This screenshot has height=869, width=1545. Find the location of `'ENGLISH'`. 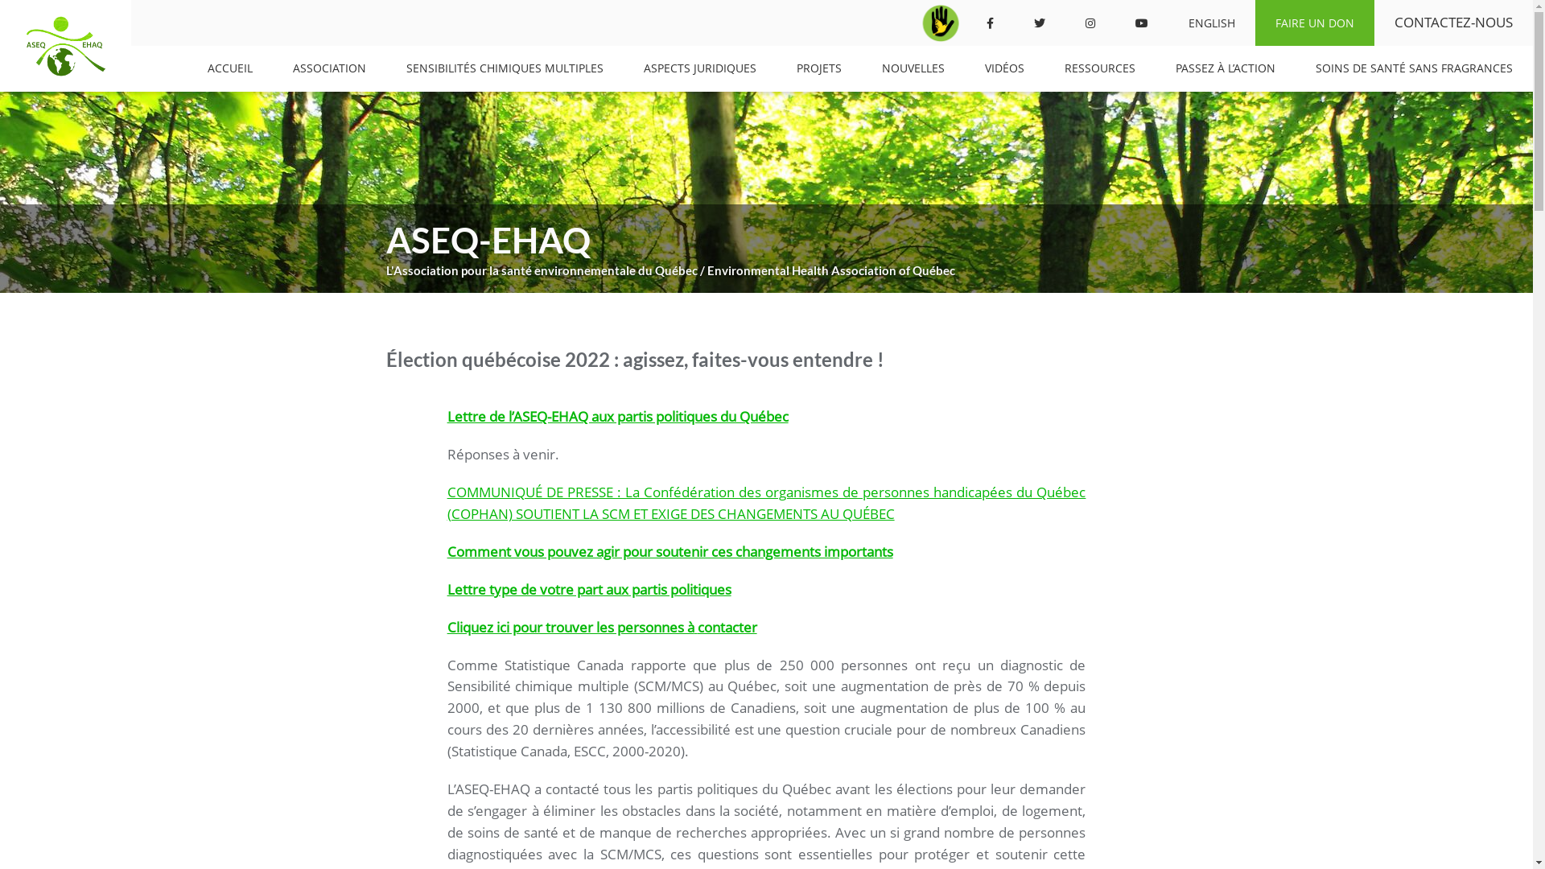

'ENGLISH' is located at coordinates (1168, 23).